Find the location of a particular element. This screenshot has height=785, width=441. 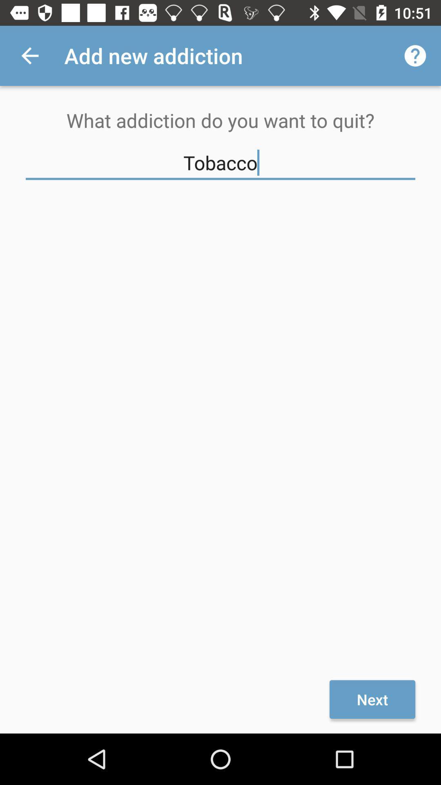

icon above the what addiction do icon is located at coordinates (29, 55).